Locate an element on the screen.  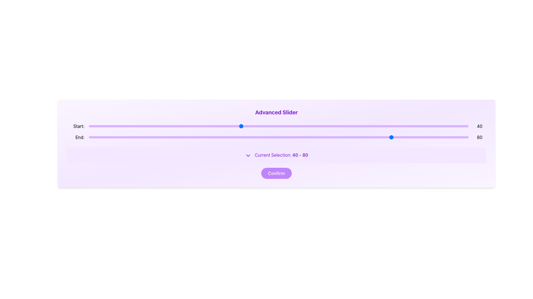
the 'End' value is located at coordinates (290, 137).